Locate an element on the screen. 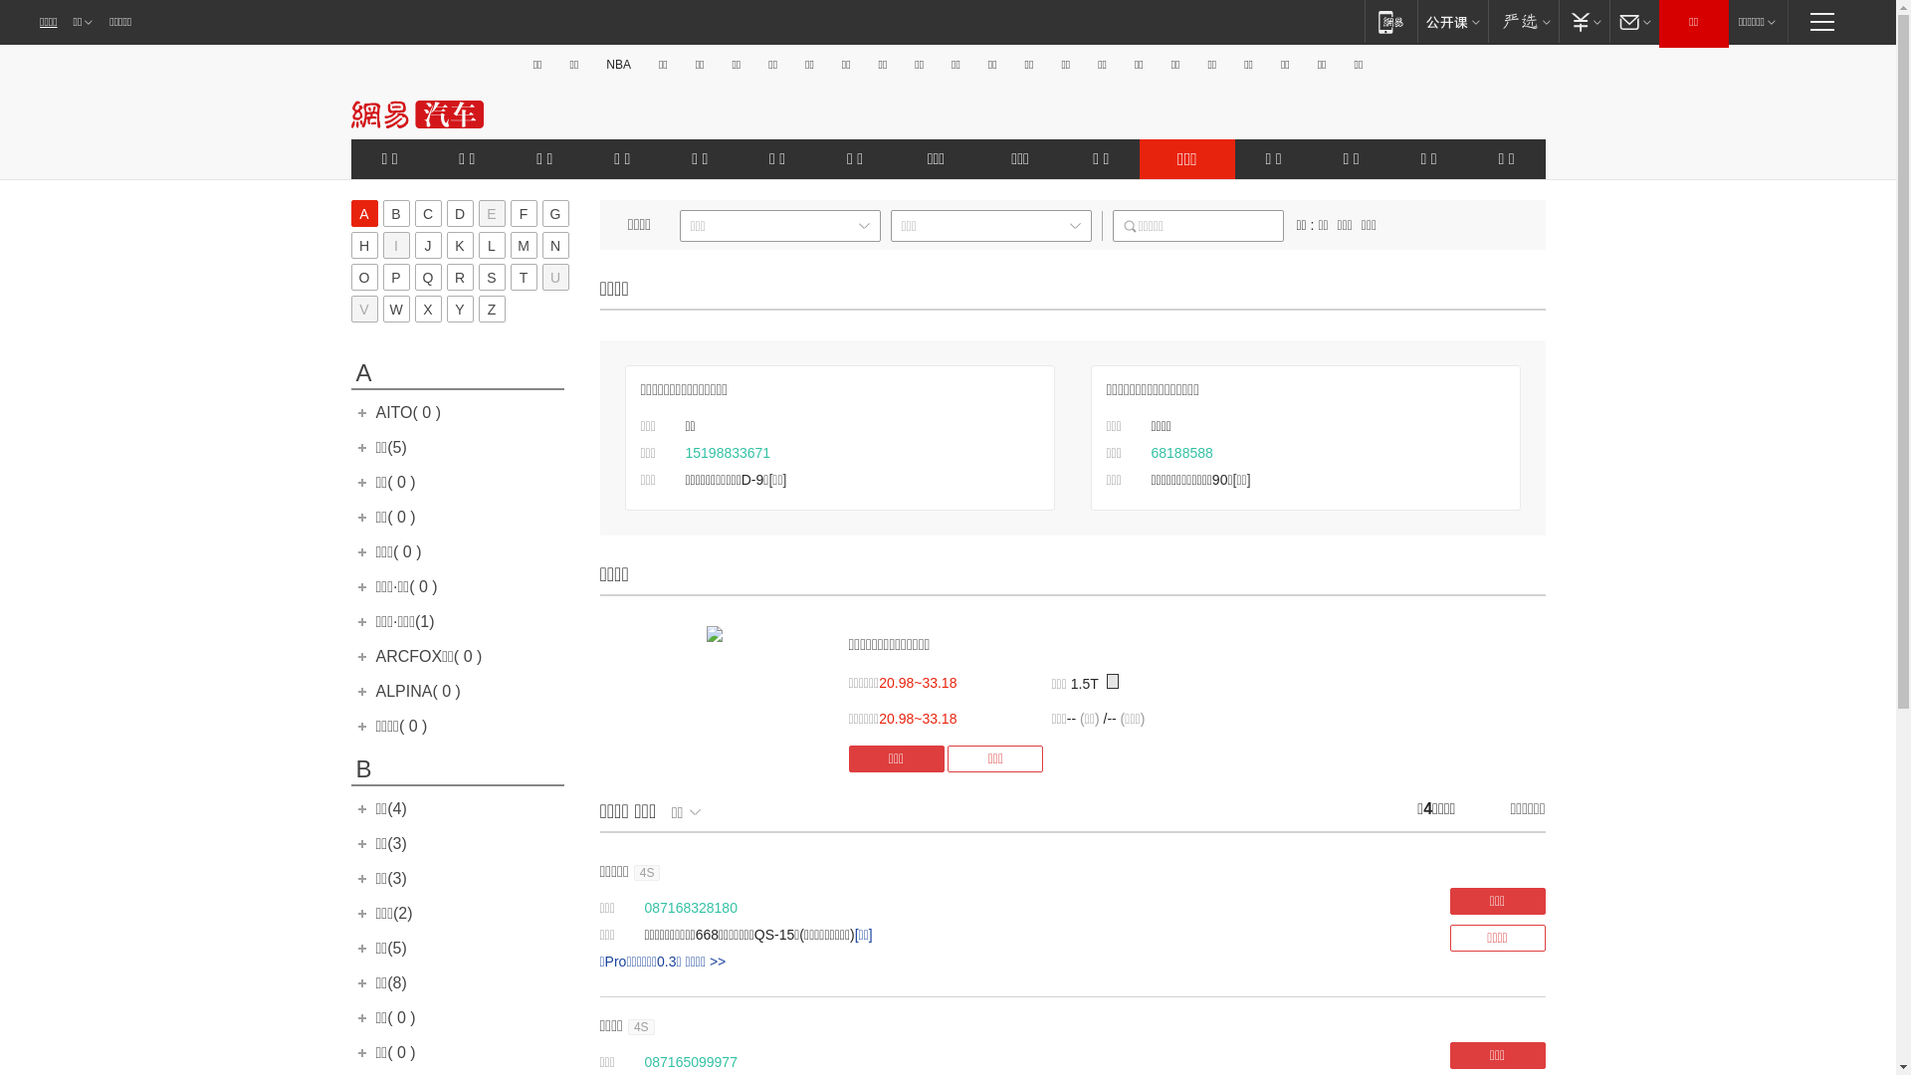  'Y' is located at coordinates (458, 309).